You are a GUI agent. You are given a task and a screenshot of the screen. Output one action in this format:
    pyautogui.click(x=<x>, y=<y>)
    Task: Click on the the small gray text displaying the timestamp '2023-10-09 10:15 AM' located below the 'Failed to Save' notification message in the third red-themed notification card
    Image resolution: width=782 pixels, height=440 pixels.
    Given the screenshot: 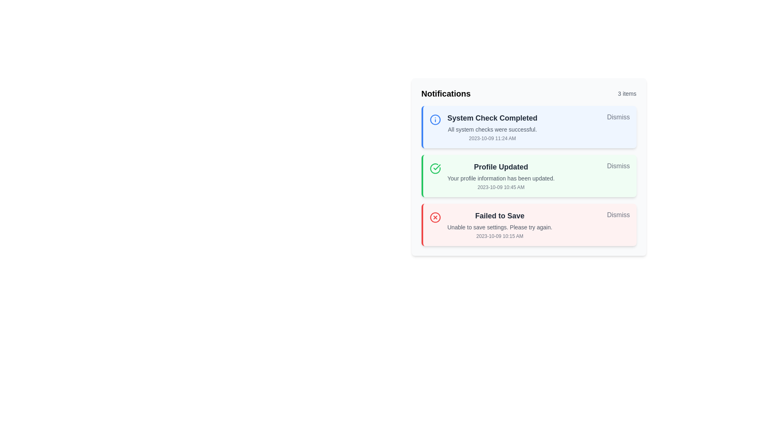 What is the action you would take?
    pyautogui.click(x=499, y=236)
    